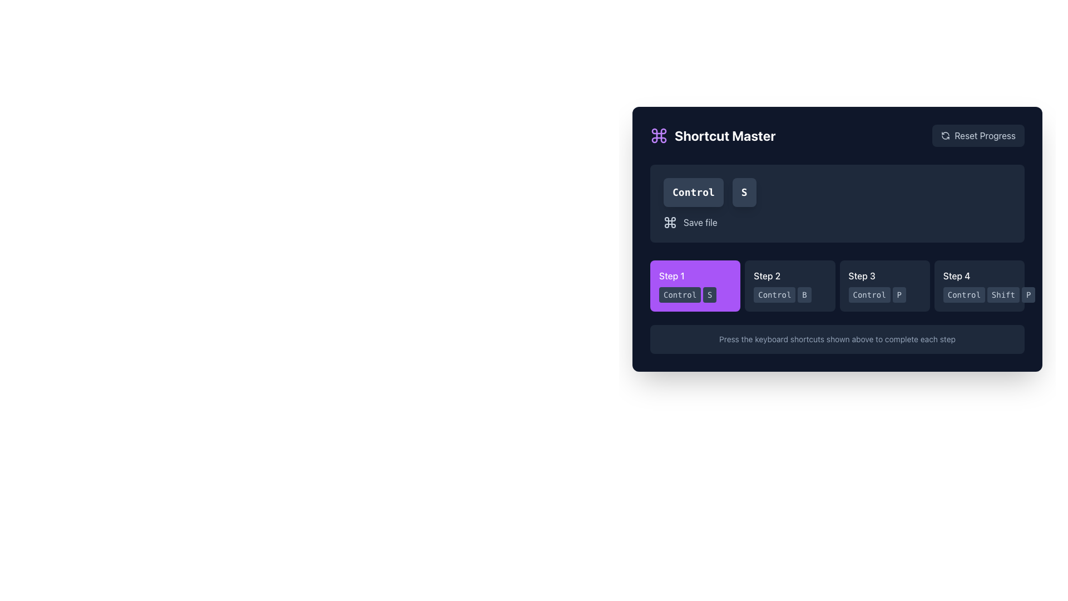 The image size is (1068, 601). Describe the element at coordinates (869, 294) in the screenshot. I see `the 'Control' button, which is a small, rounded rectangular button with a dark slate background and lighter text, located in the 'Step 3' section` at that location.